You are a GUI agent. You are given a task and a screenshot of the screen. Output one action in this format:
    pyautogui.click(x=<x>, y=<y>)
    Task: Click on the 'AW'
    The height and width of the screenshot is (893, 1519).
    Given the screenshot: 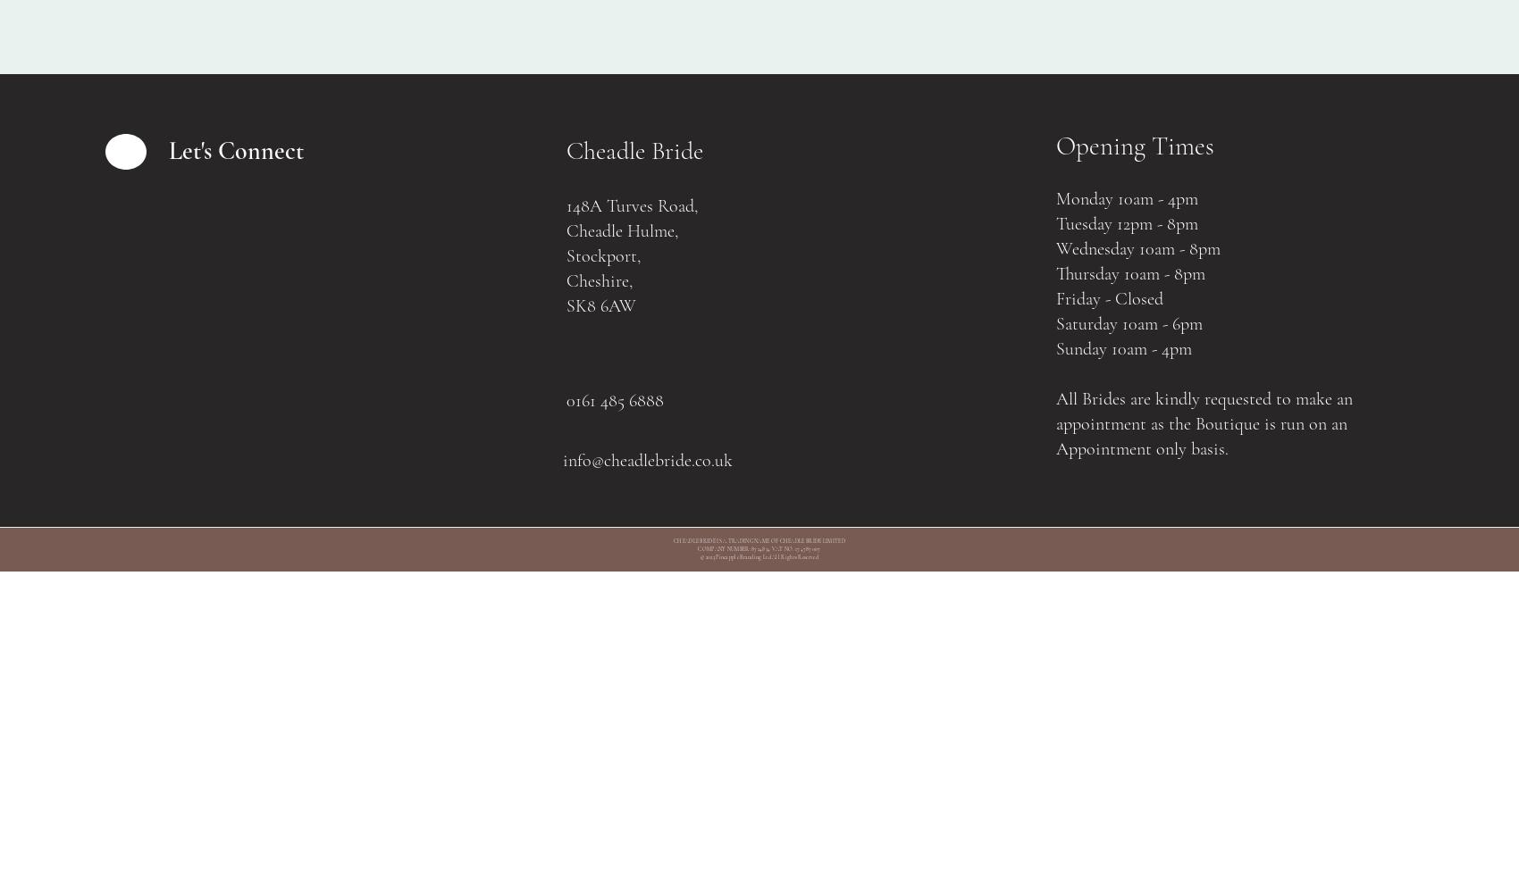 What is the action you would take?
    pyautogui.click(x=621, y=305)
    